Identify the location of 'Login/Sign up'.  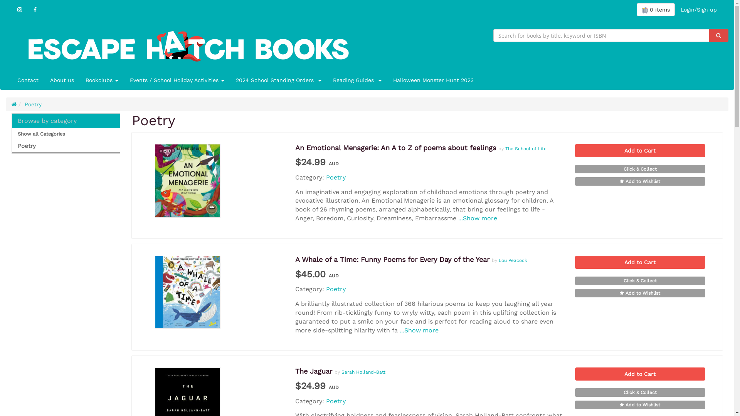
(699, 9).